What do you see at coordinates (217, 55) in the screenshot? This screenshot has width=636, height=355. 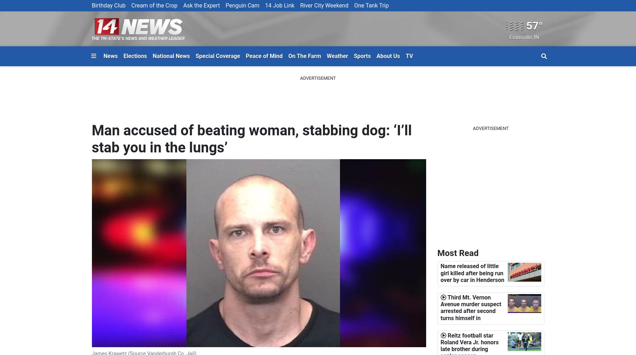 I see `'Special Coverage'` at bounding box center [217, 55].